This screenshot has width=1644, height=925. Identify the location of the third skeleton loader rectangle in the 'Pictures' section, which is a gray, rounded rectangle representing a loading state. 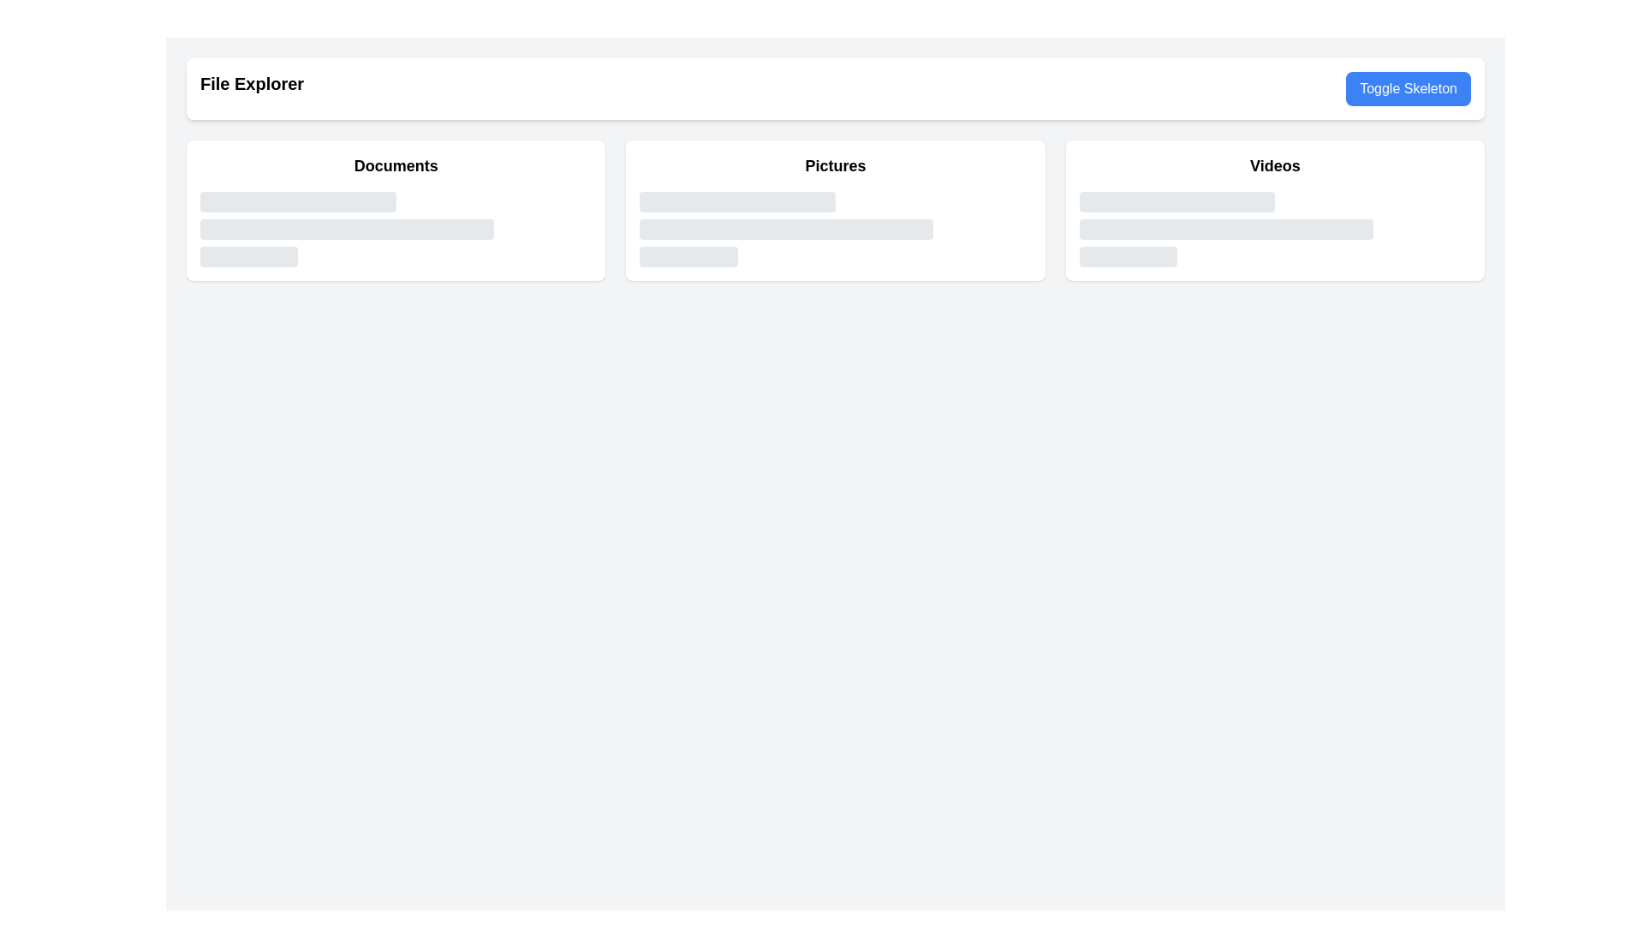
(688, 257).